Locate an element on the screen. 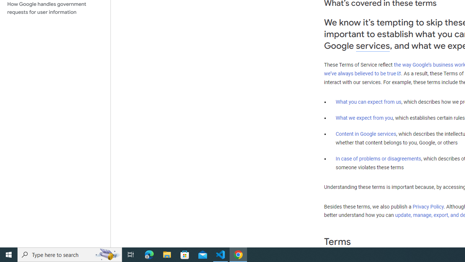 This screenshot has width=465, height=262. 'What you can expect from us' is located at coordinates (368, 102).